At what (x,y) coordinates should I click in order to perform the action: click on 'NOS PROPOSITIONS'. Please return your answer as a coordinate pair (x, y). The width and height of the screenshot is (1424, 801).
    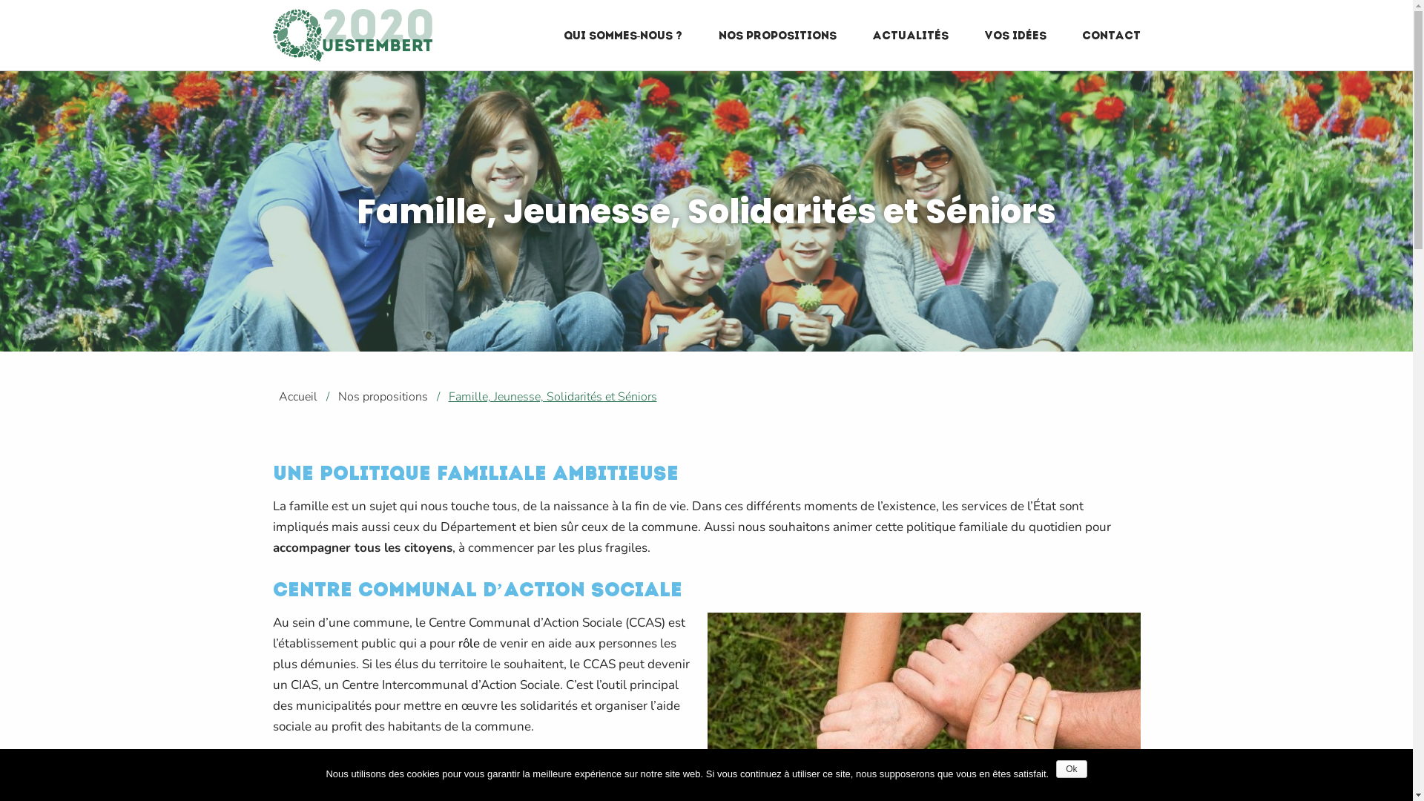
    Looking at the image, I should click on (776, 33).